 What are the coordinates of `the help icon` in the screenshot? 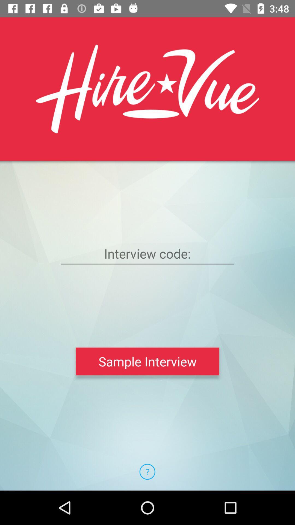 It's located at (147, 471).